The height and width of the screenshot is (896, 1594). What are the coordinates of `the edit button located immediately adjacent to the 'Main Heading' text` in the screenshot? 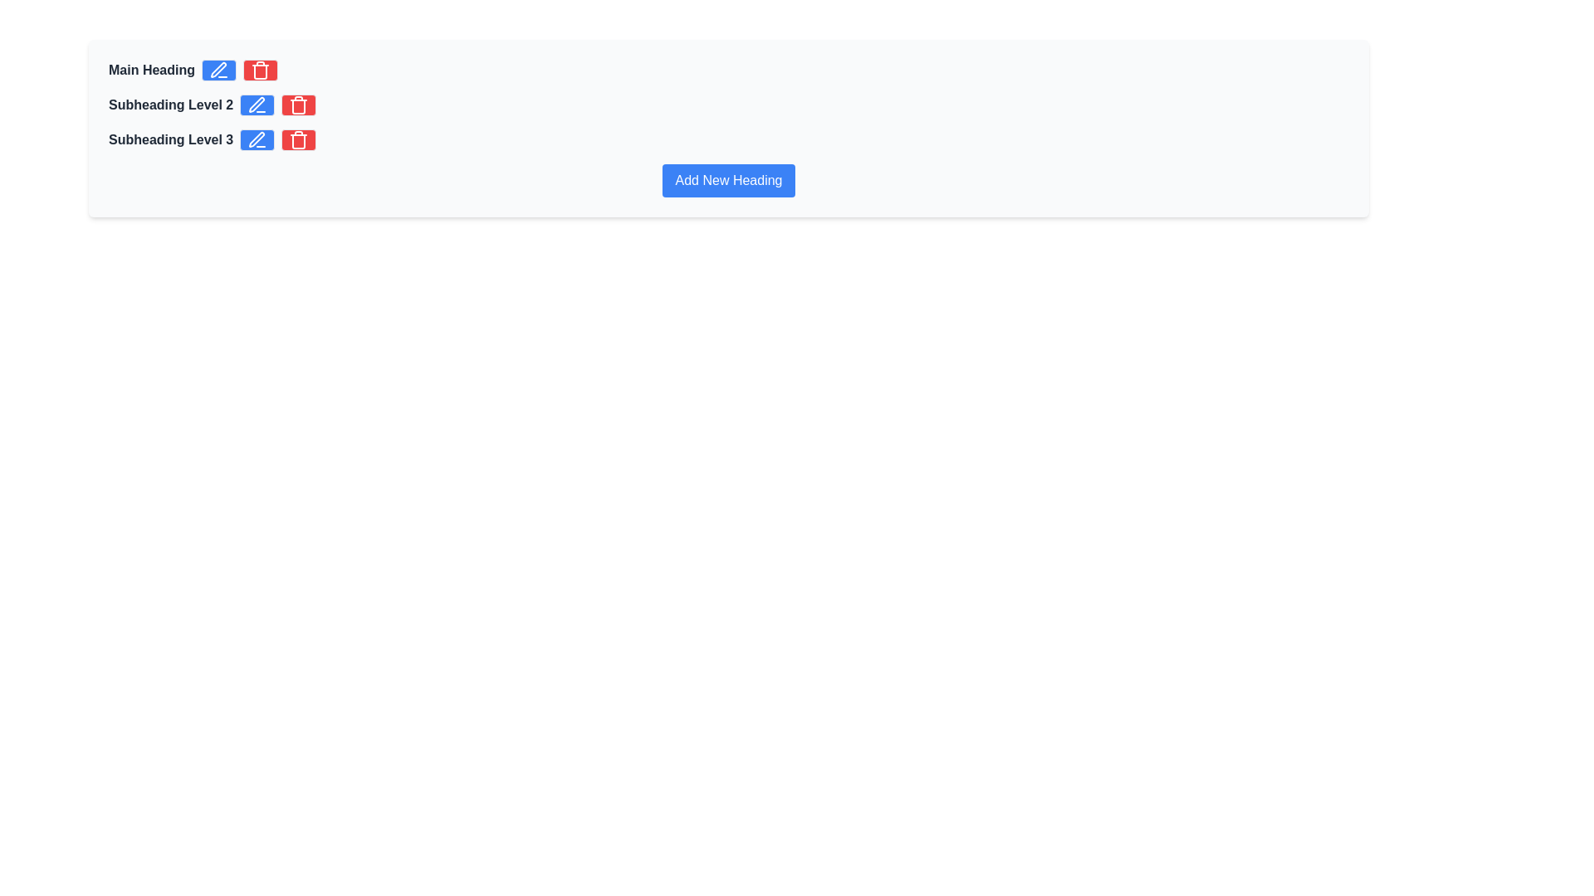 It's located at (218, 69).